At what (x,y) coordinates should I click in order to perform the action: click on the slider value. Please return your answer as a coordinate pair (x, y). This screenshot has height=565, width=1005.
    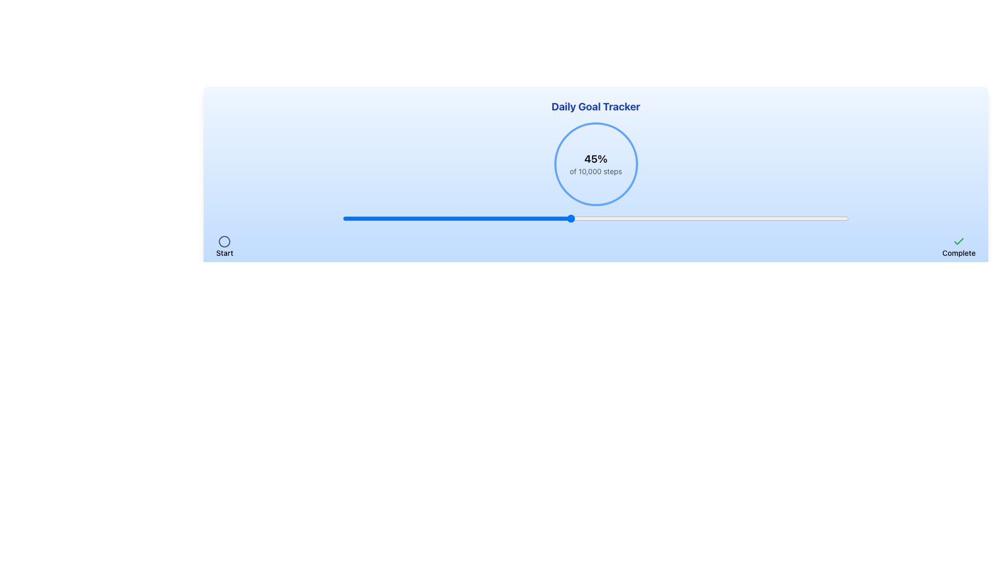
    Looking at the image, I should click on (611, 218).